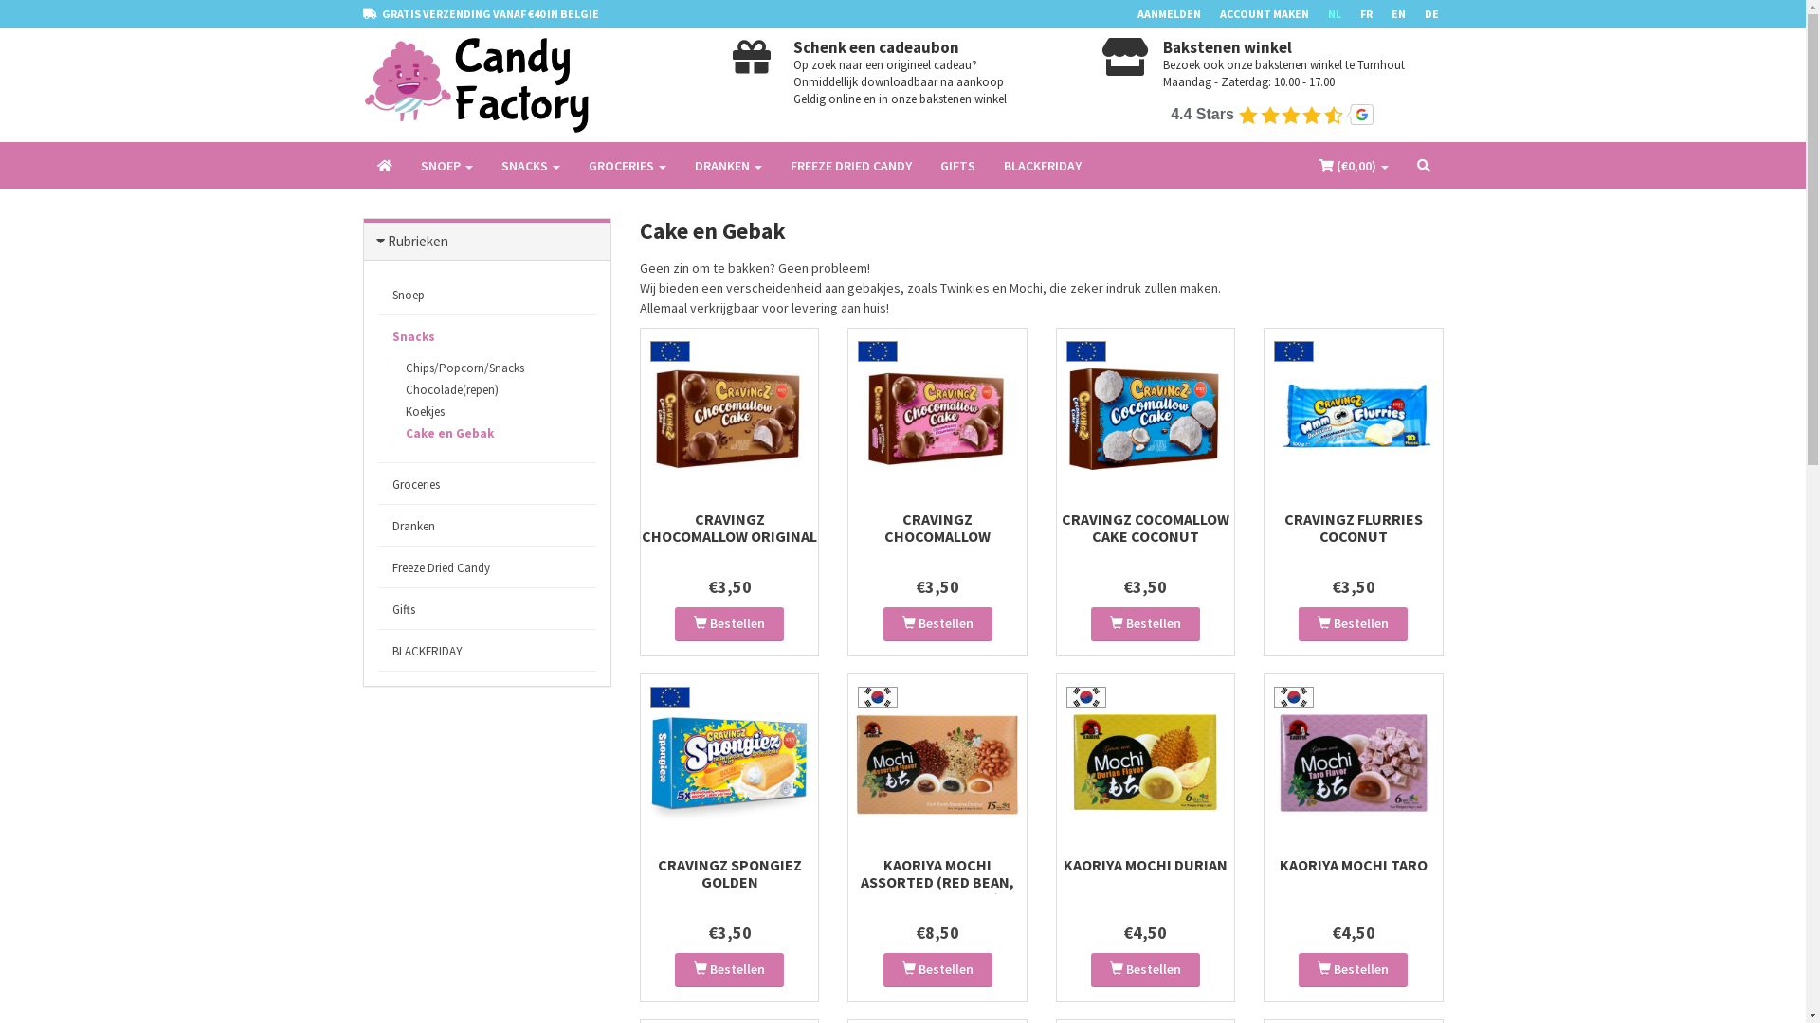 This screenshot has width=1820, height=1023. I want to click on 'SNACKS', so click(531, 164).